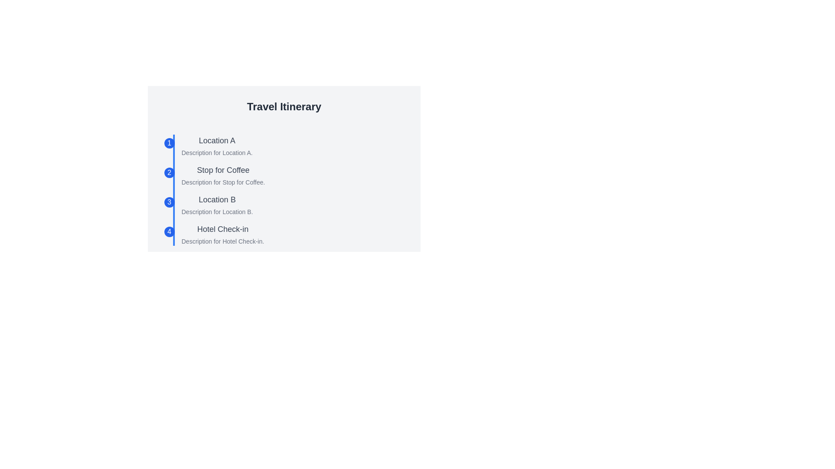  What do you see at coordinates (169, 143) in the screenshot?
I see `the first step icon of the timeline, which is a circular marker with a numerical label, located adjacent to the text 'Location A'` at bounding box center [169, 143].